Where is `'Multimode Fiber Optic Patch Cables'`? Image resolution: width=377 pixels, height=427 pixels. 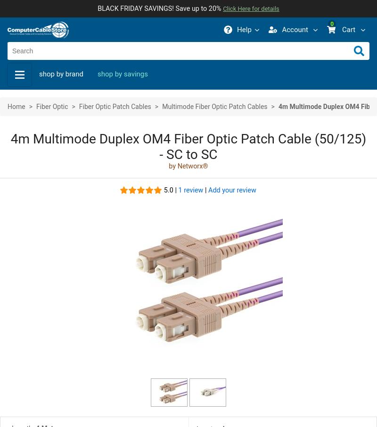 'Multimode Fiber Optic Patch Cables' is located at coordinates (162, 106).